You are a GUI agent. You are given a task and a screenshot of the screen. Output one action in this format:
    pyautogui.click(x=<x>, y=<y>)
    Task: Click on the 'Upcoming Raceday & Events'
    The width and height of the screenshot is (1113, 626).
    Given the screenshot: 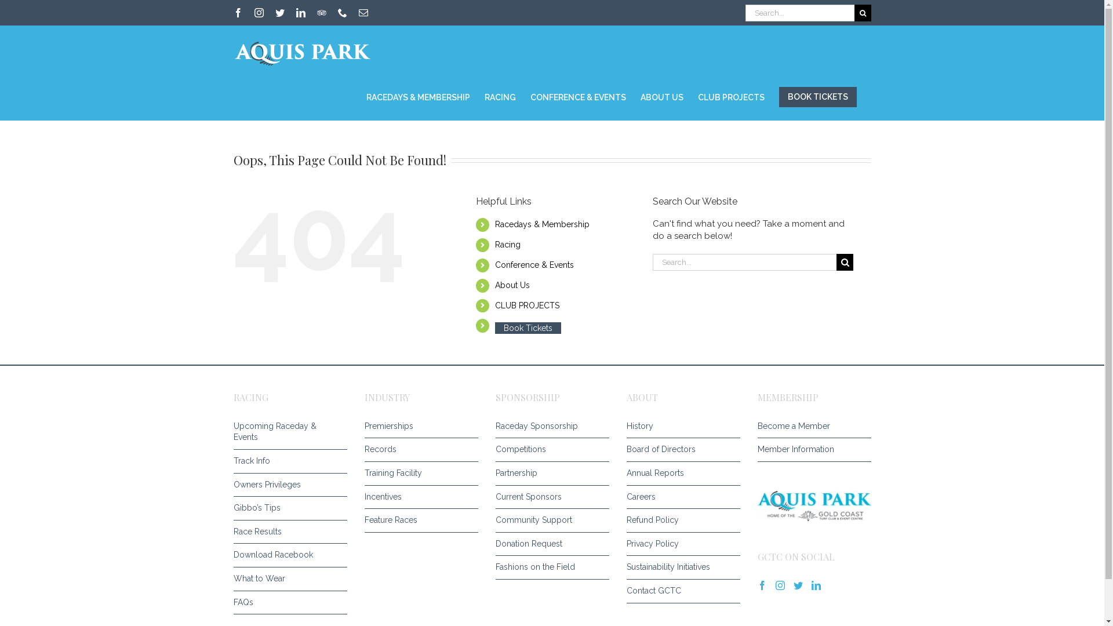 What is the action you would take?
    pyautogui.click(x=232, y=432)
    